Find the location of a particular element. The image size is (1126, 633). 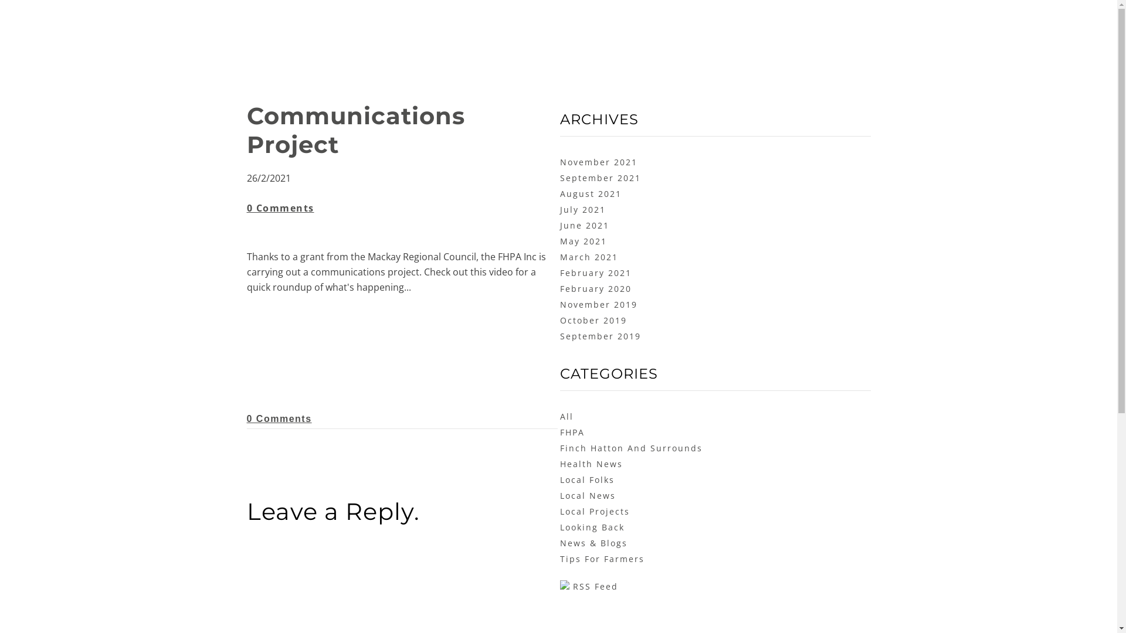

'Local Projects' is located at coordinates (594, 511).